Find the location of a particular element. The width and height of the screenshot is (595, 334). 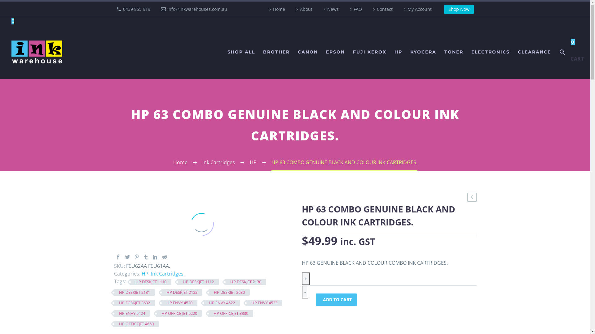

'Reddit' is located at coordinates (162, 257).